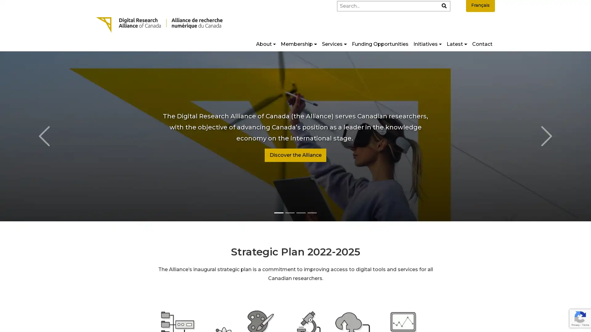  I want to click on Slide 2, so click(301, 212).